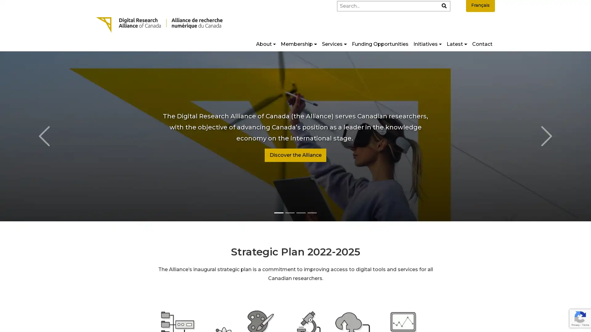  I want to click on Slide 2, so click(301, 212).